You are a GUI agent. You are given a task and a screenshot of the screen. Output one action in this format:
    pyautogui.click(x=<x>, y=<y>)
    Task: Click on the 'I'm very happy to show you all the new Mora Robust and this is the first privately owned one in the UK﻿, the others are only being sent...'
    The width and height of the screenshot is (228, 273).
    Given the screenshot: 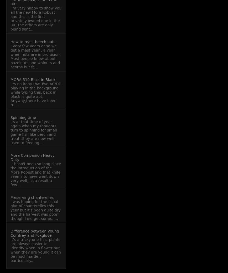 What is the action you would take?
    pyautogui.click(x=36, y=18)
    